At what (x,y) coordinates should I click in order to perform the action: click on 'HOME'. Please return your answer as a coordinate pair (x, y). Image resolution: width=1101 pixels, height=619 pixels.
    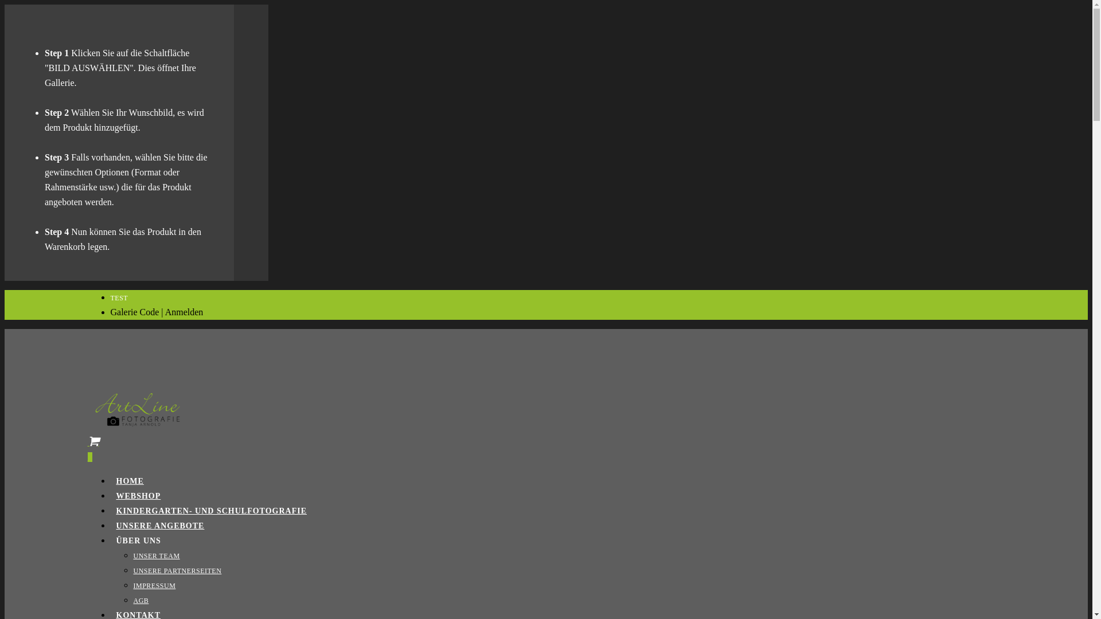
    Looking at the image, I should click on (110, 481).